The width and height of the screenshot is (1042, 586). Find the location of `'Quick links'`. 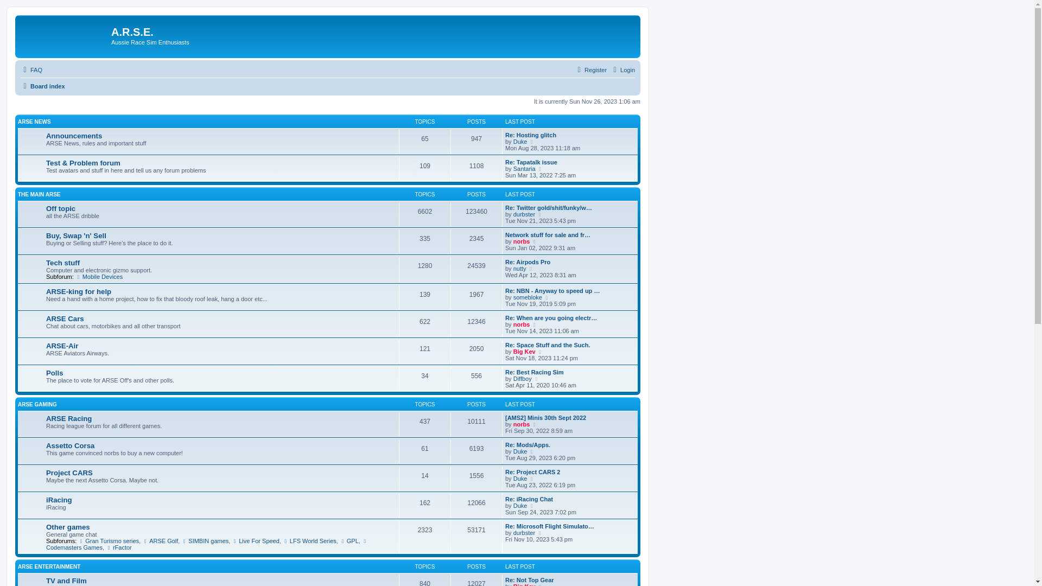

'Quick links' is located at coordinates (46, 84).